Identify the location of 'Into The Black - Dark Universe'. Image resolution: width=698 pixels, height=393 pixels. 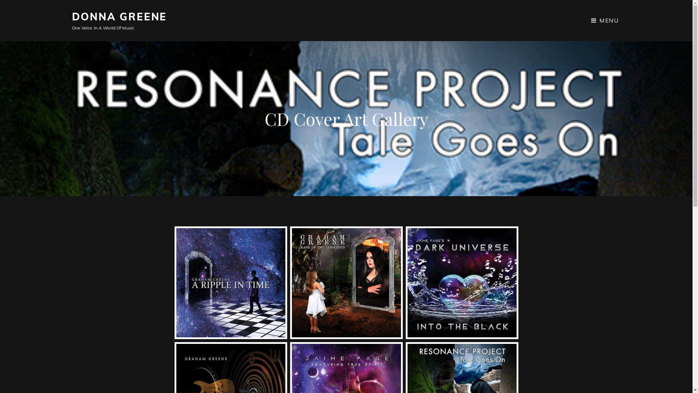
(461, 282).